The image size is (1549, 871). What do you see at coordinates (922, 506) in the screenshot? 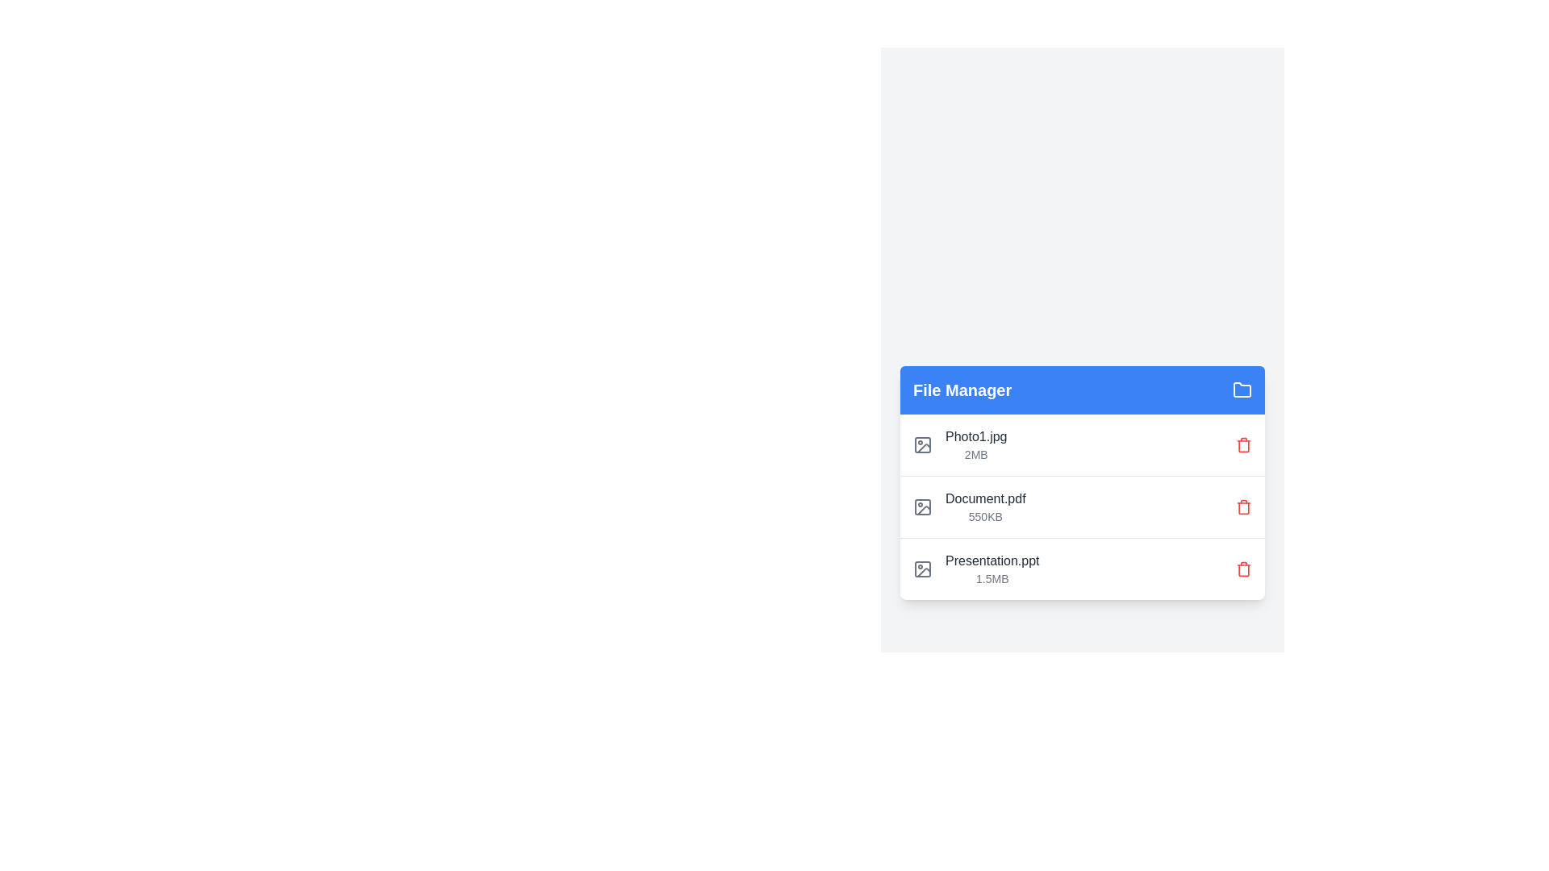
I see `the icon resembling an image file, which is the first icon to the left of the 'Document.pdf' label` at bounding box center [922, 506].